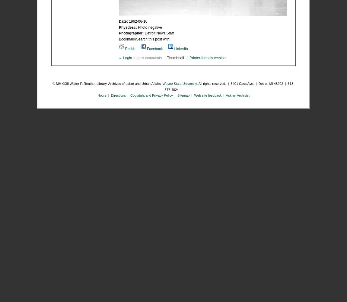  What do you see at coordinates (159, 33) in the screenshot?
I see `'Detroit News Staff'` at bounding box center [159, 33].